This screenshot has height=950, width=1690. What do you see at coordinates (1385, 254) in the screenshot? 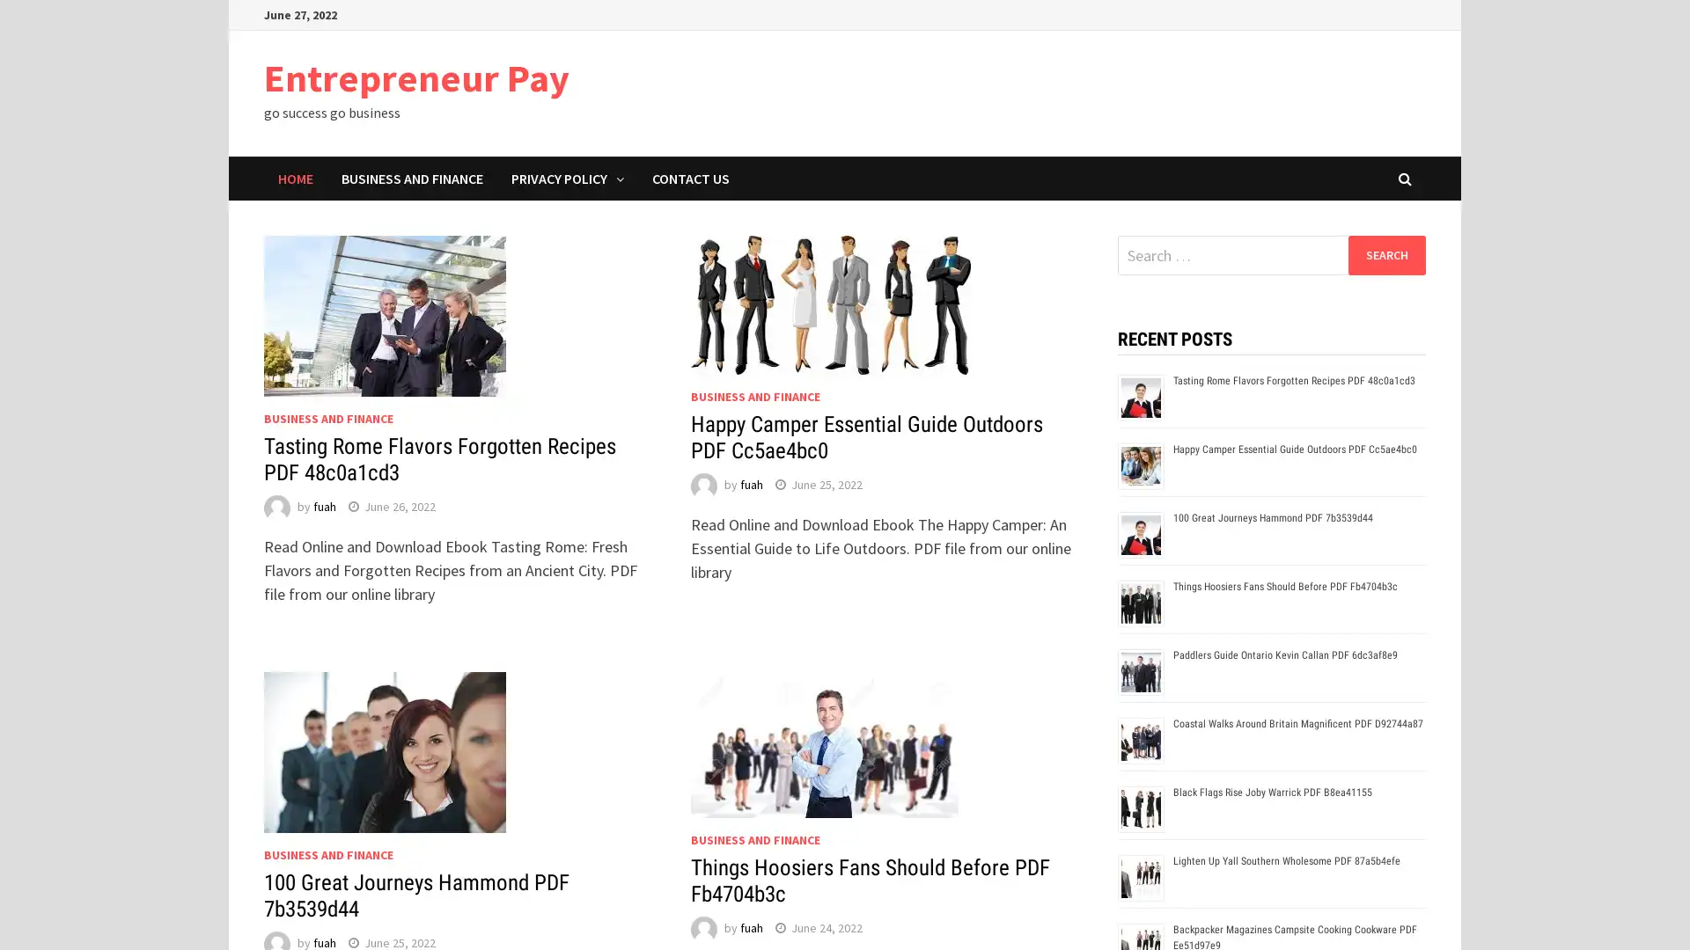
I see `Search` at bounding box center [1385, 254].